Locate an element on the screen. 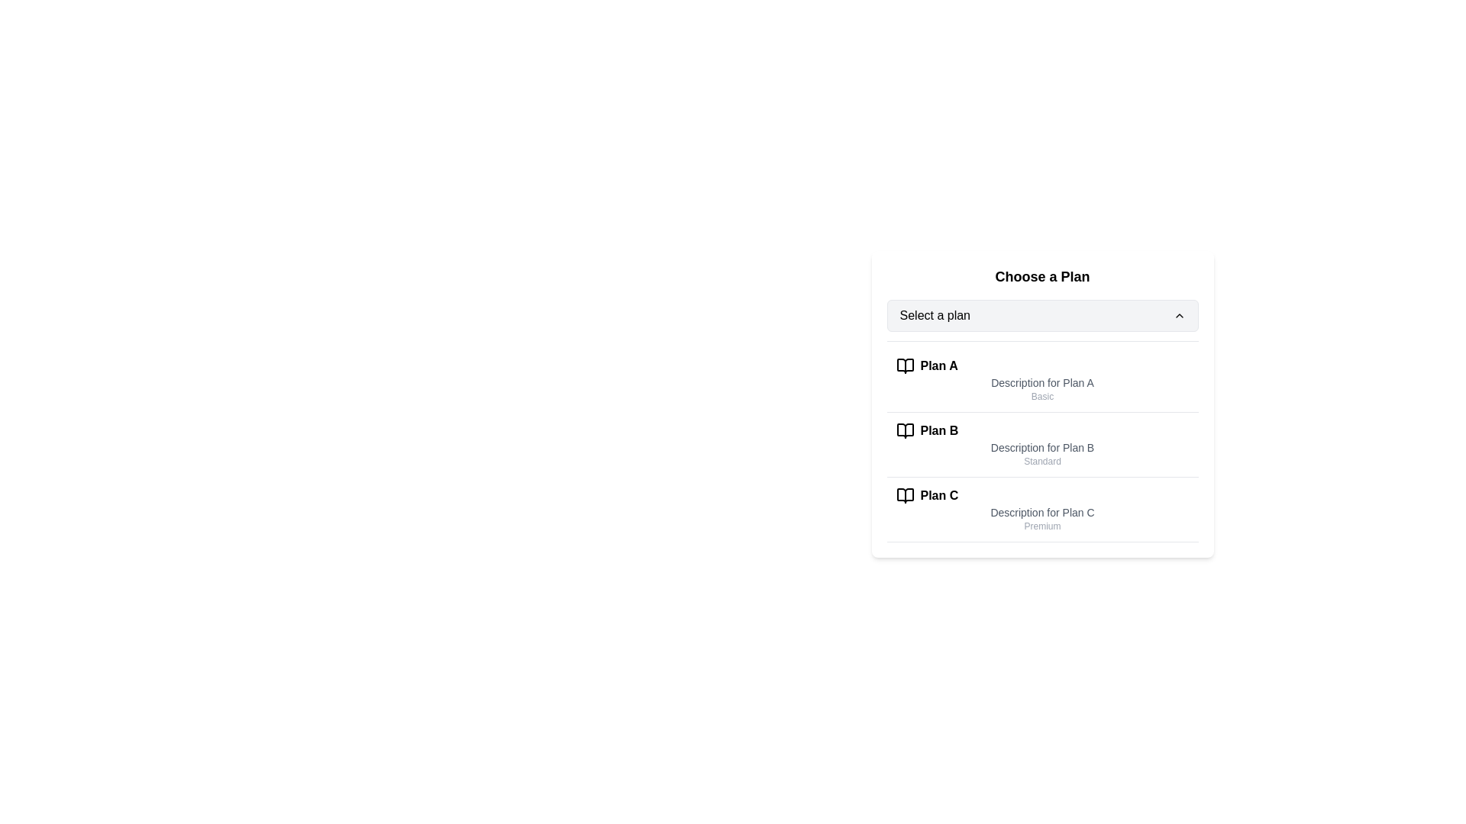 This screenshot has width=1466, height=824. descriptive content of the Text label that provides information about the 'Plan B' option, located below the 'Plan B' title and above the 'Standard' label is located at coordinates (1041, 446).